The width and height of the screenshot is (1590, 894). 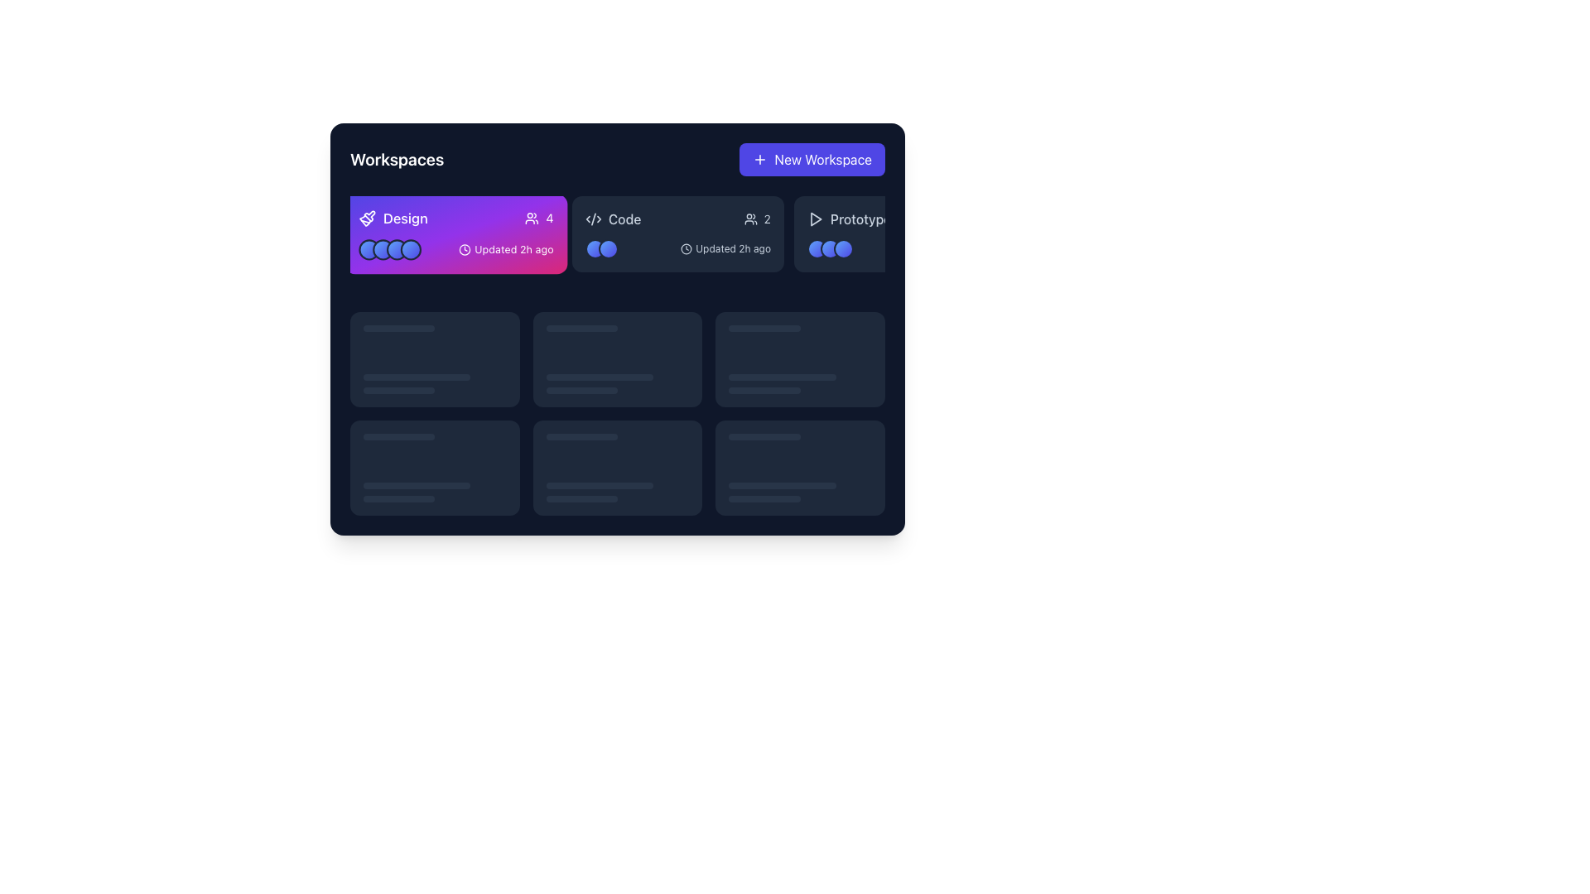 What do you see at coordinates (456, 249) in the screenshot?
I see `the text label displaying 'Updated 2h ago' which is located in the bottom-right corner of the 'Design' card` at bounding box center [456, 249].